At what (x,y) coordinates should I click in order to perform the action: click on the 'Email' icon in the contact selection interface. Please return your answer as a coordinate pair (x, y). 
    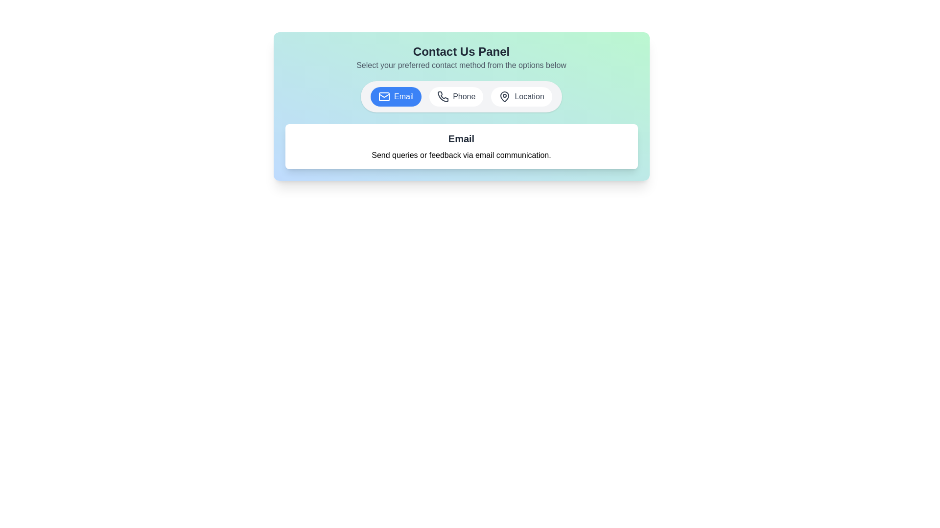
    Looking at the image, I should click on (384, 96).